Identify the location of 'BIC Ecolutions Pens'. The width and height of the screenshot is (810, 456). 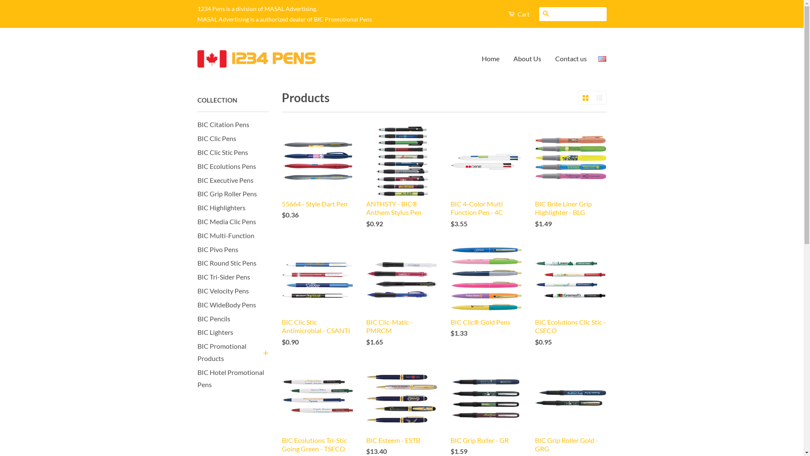
(227, 166).